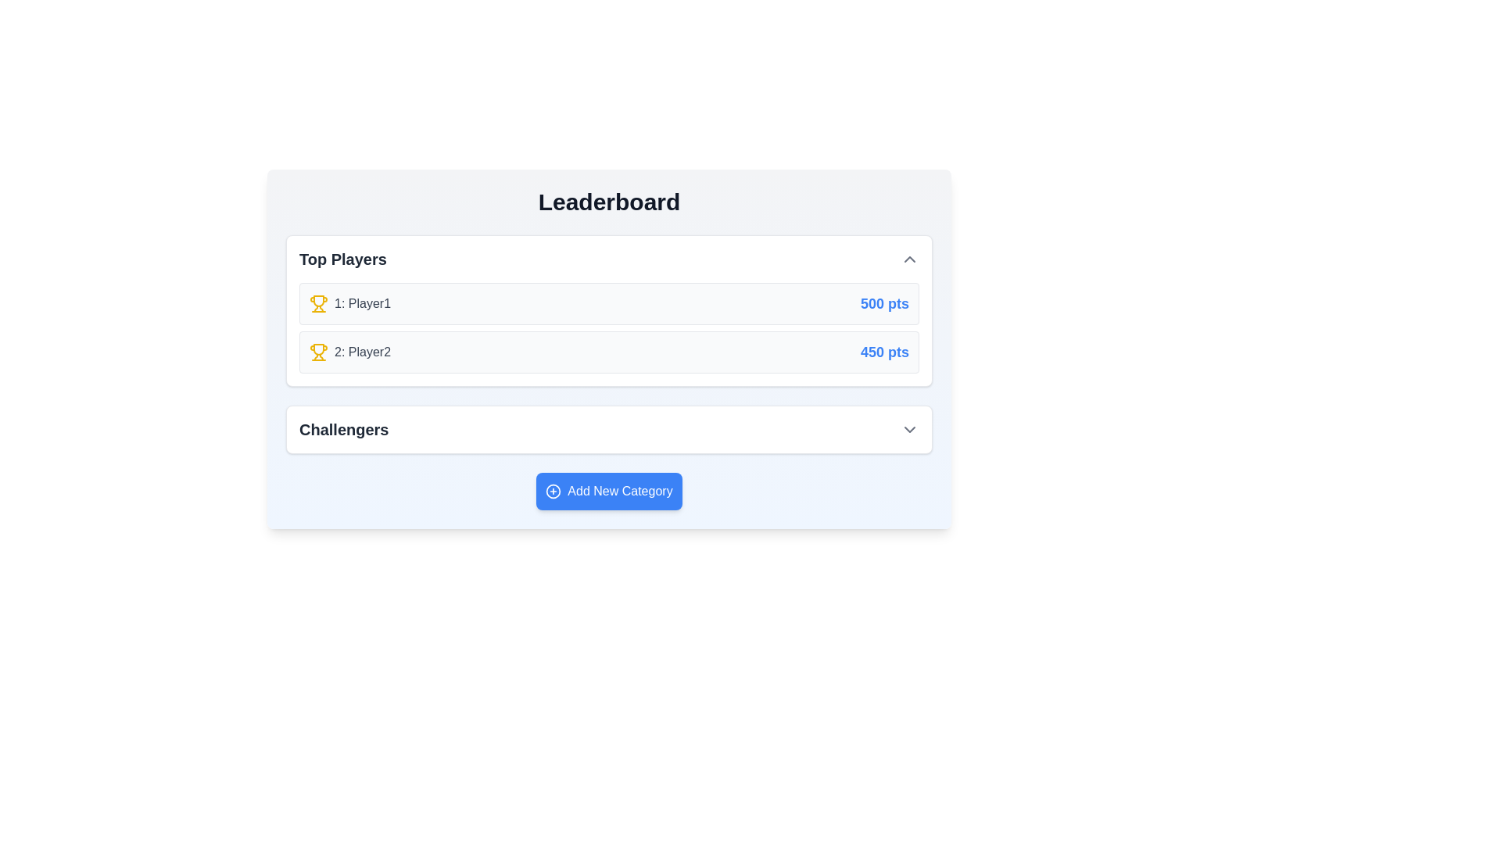 This screenshot has width=1501, height=844. I want to click on the first-ranked player achievement icon in the 'Top Players' section, which is located directly to the left of the text '1: Player1', so click(318, 304).